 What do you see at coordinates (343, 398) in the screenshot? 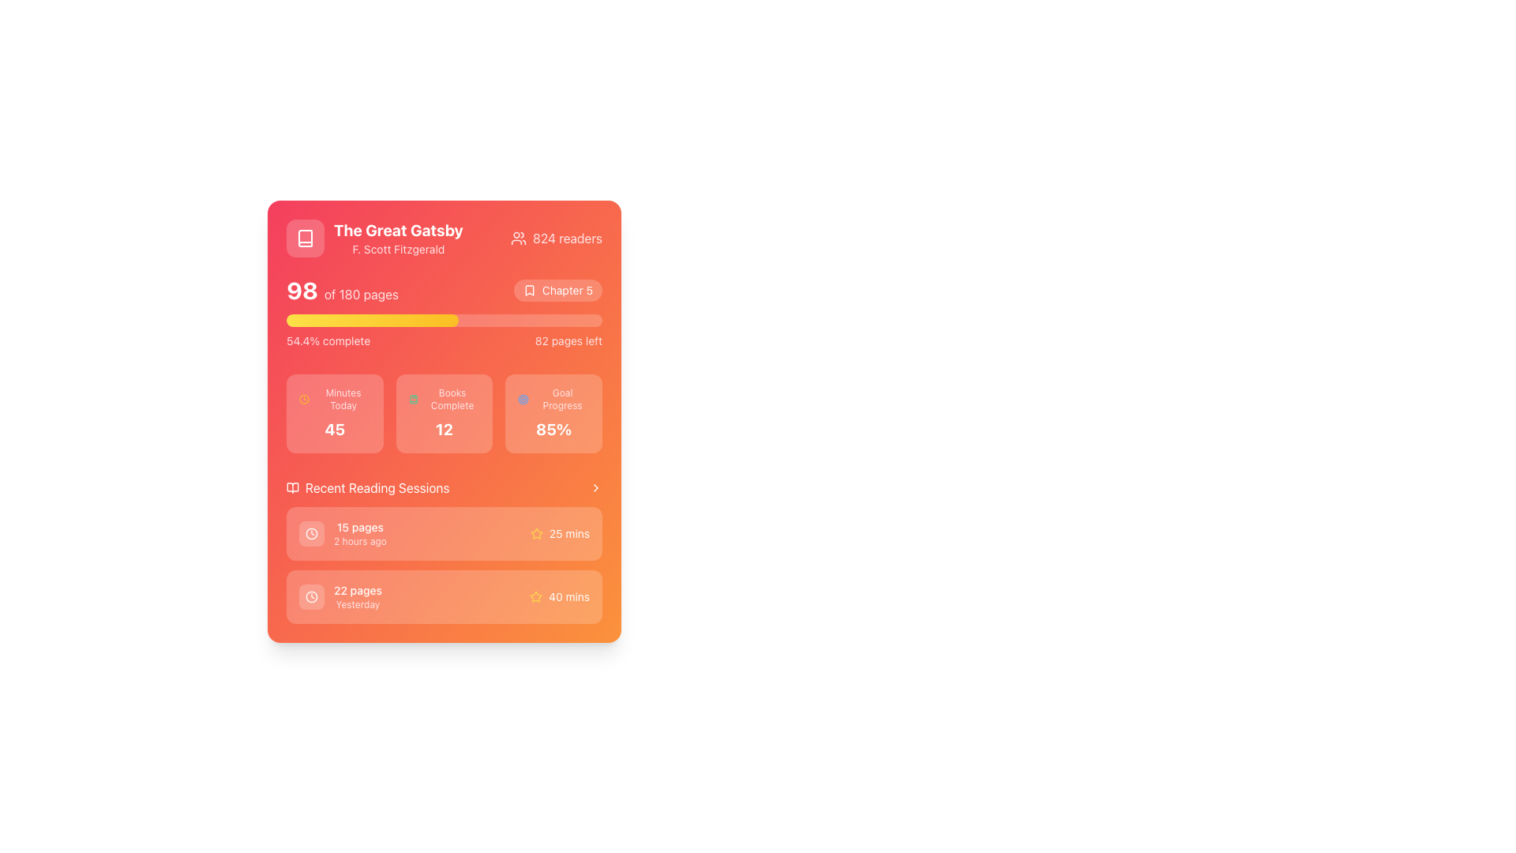
I see `the 'Minutes Today' text label element, which is styled with a small font size and rose-colored text, located within a grouped interface section` at bounding box center [343, 398].